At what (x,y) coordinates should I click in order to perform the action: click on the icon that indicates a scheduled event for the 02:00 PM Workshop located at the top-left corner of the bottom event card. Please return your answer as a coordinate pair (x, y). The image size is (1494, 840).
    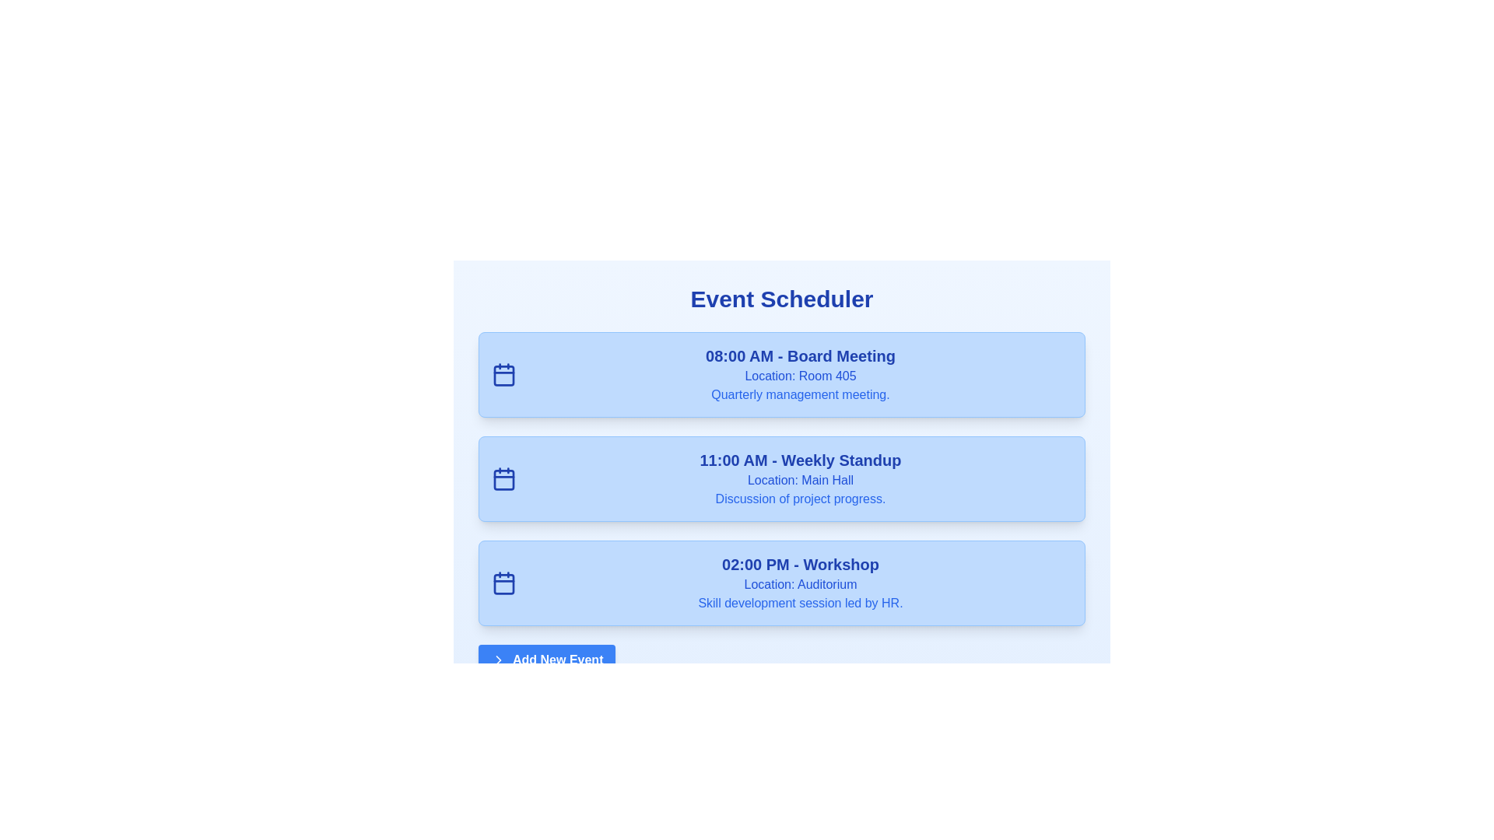
    Looking at the image, I should click on (504, 583).